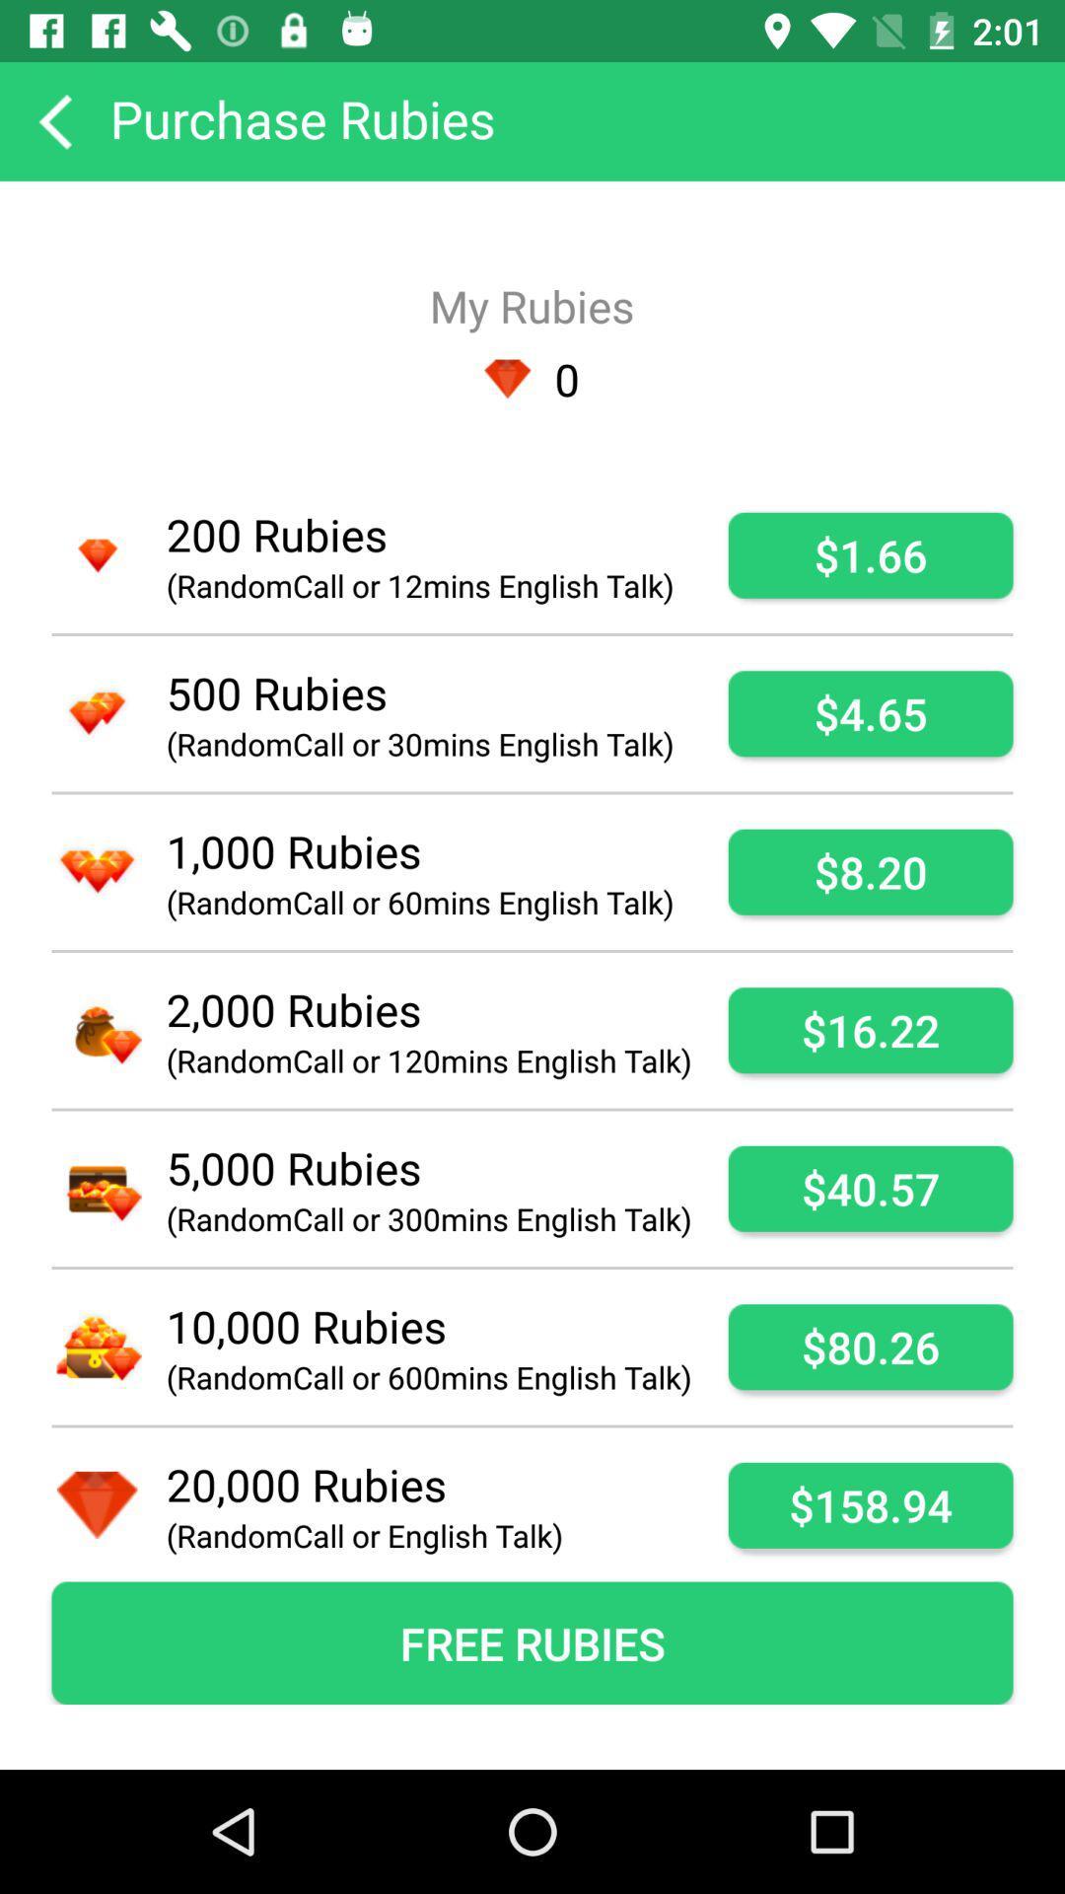 Image resolution: width=1065 pixels, height=1894 pixels. I want to click on the $1.66 item, so click(870, 554).